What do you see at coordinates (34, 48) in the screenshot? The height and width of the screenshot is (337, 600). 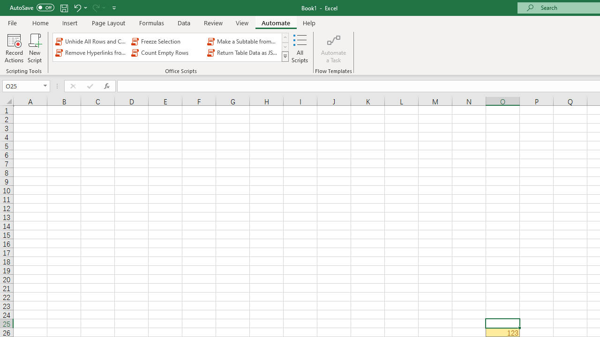 I see `'New Script'` at bounding box center [34, 48].